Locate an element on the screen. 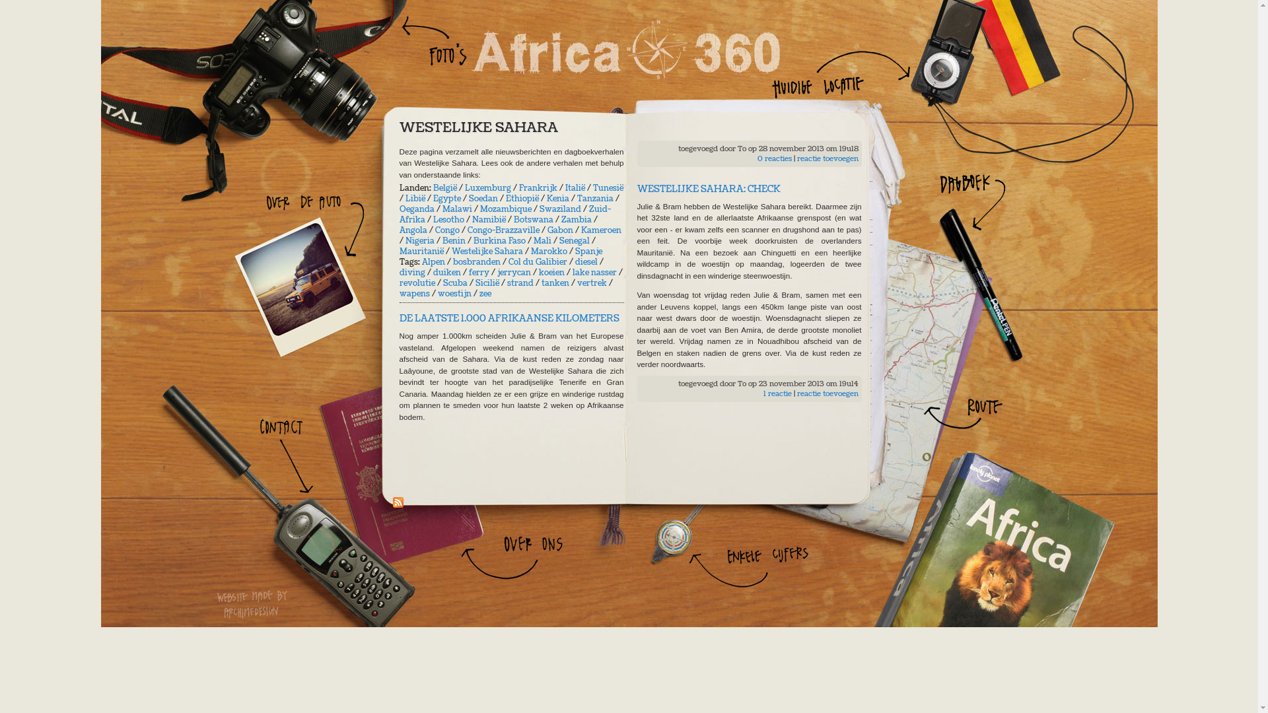 Image resolution: width=1268 pixels, height=713 pixels. 'reactie toevoegen' is located at coordinates (826, 393).